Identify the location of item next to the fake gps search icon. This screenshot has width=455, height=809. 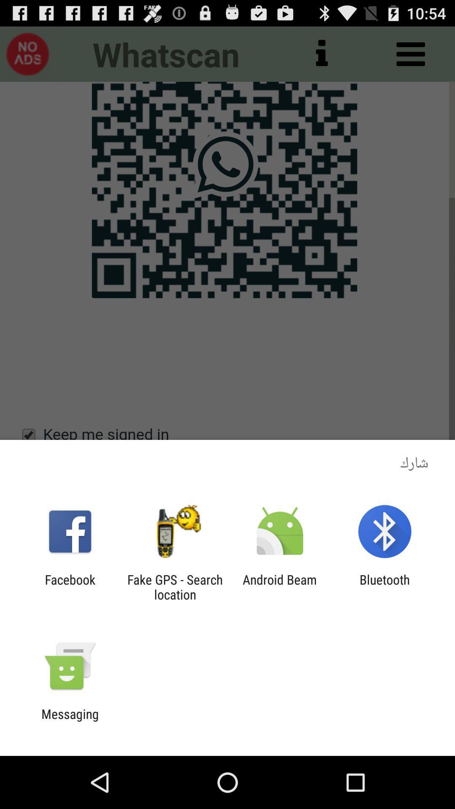
(70, 587).